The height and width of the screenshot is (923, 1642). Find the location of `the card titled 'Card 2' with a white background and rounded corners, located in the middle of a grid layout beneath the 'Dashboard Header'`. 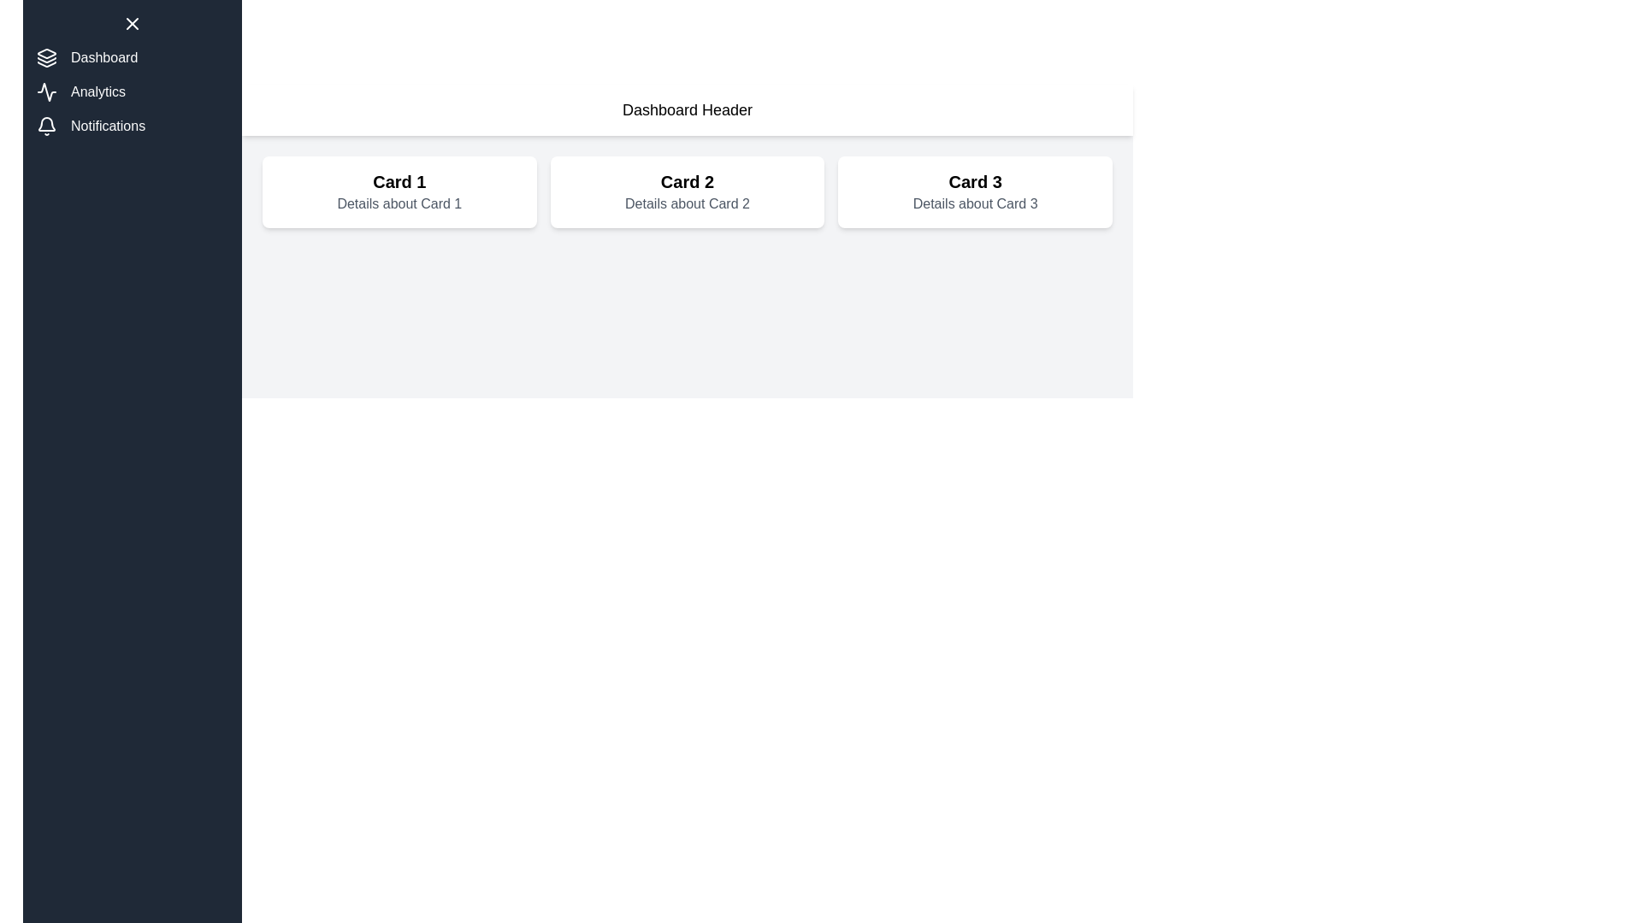

the card titled 'Card 2' with a white background and rounded corners, located in the middle of a grid layout beneath the 'Dashboard Header' is located at coordinates (687, 191).